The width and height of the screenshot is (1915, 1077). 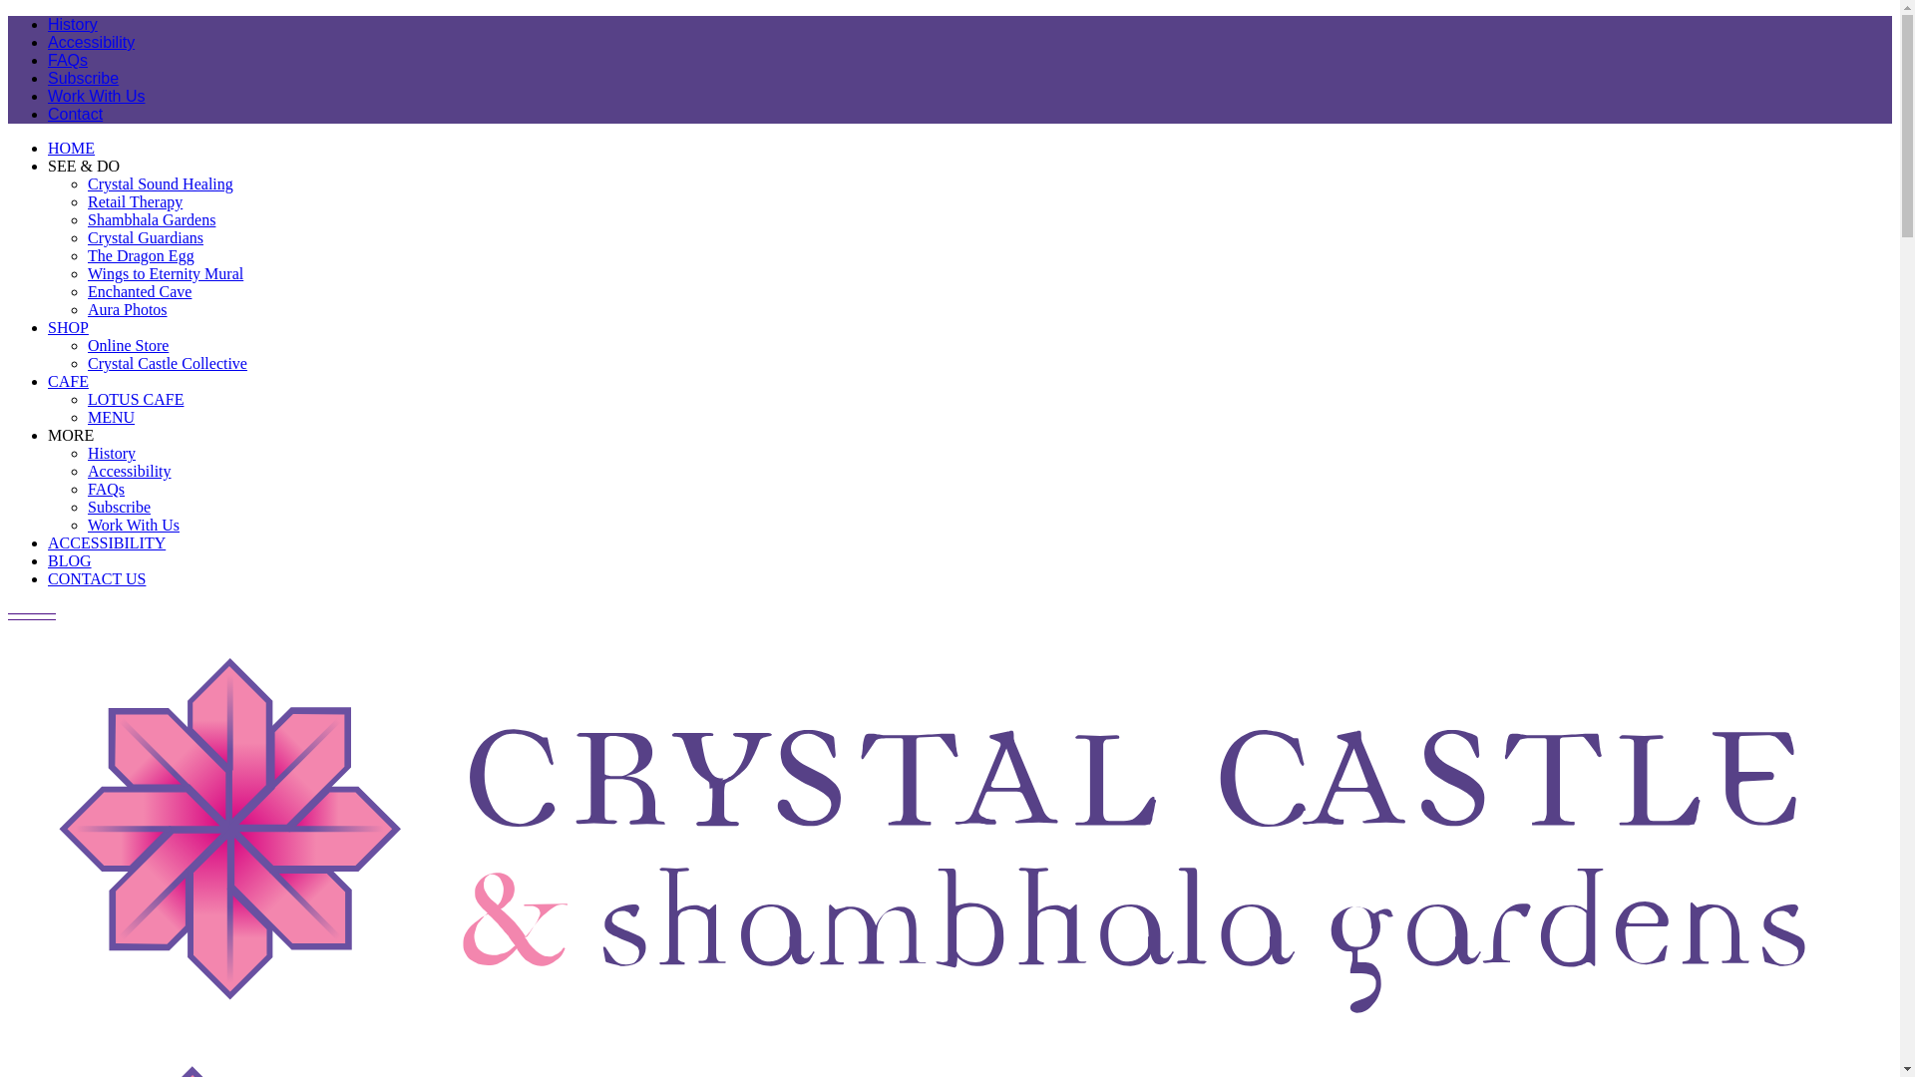 What do you see at coordinates (82, 165) in the screenshot?
I see `'SEE & DO'` at bounding box center [82, 165].